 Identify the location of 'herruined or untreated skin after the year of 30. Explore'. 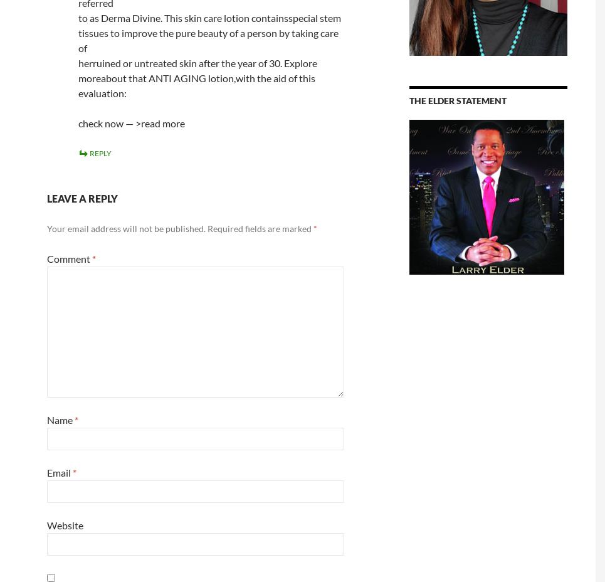
(196, 62).